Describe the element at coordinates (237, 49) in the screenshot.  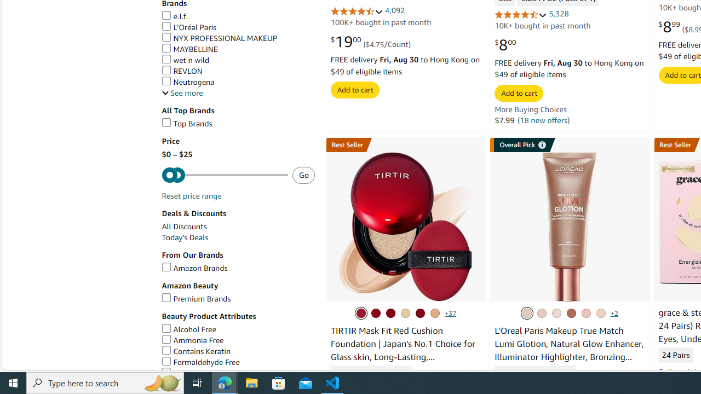
I see `'MAYBELLINE'` at that location.